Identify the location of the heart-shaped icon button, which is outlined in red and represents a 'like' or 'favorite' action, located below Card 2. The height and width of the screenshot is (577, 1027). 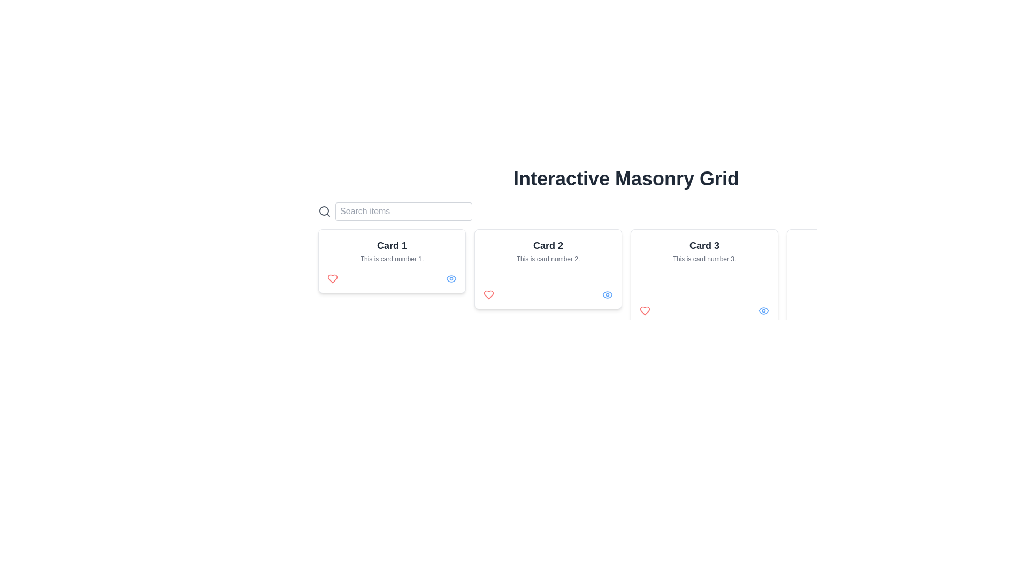
(332, 278).